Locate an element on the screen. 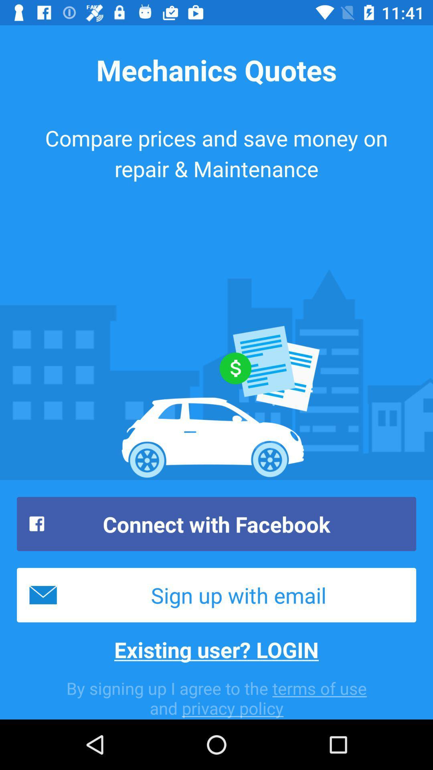 The image size is (433, 770). icon above by signing up is located at coordinates (216, 649).